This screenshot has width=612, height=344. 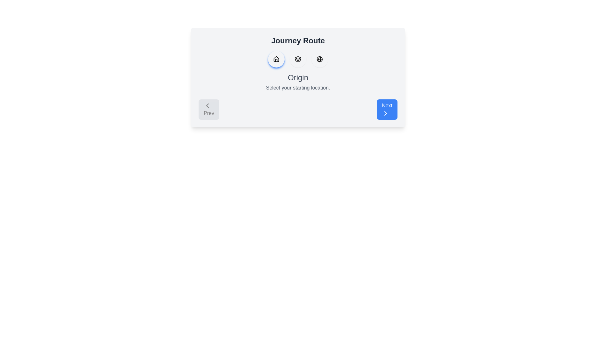 What do you see at coordinates (385, 113) in the screenshot?
I see `the chevron icon pointing to the right, which is part of a blue 'Next' button located at the bottom right corner of the interface` at bounding box center [385, 113].